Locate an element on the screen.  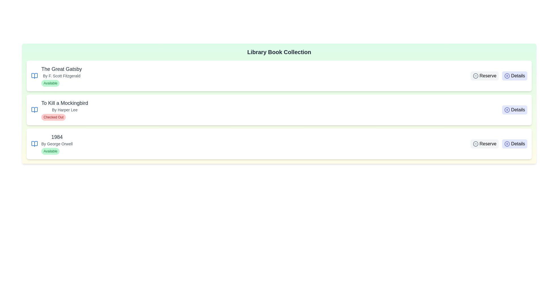
the 'Details' button for the book titled 1984 is located at coordinates (514, 144).